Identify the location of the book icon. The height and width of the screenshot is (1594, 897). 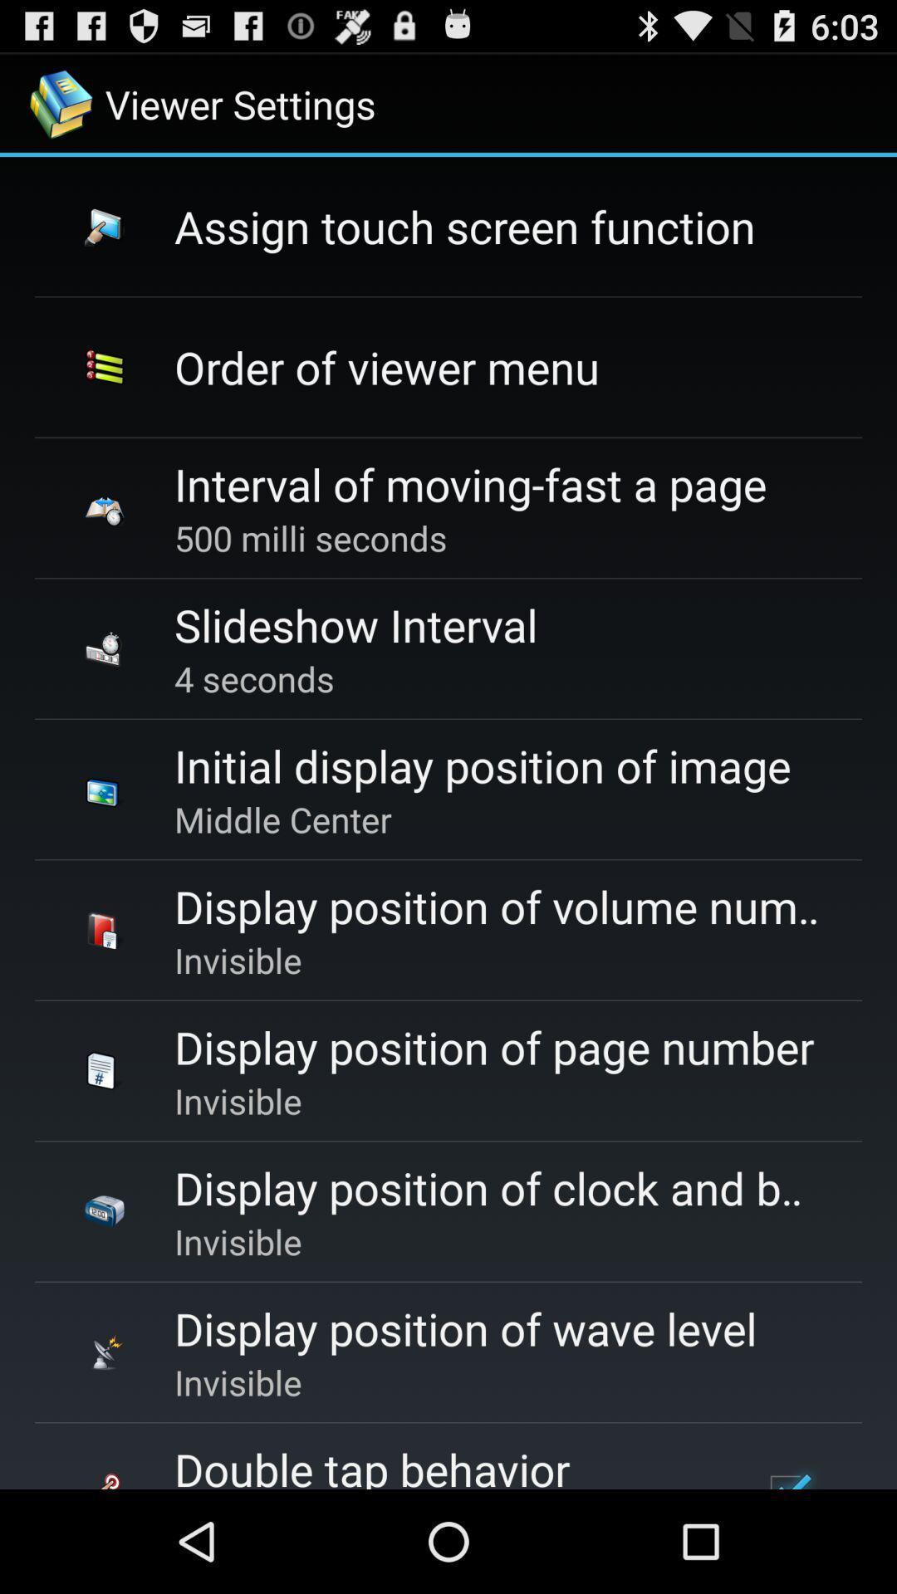
(105, 931).